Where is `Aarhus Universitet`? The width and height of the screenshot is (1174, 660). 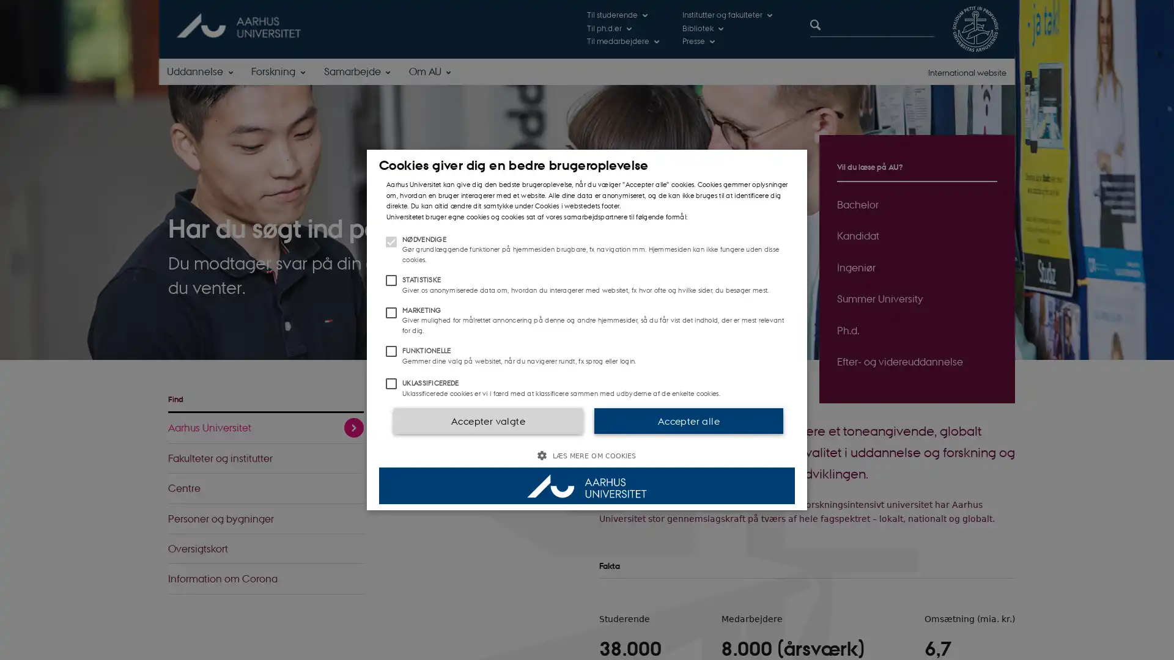 Aarhus Universitet is located at coordinates (265, 427).